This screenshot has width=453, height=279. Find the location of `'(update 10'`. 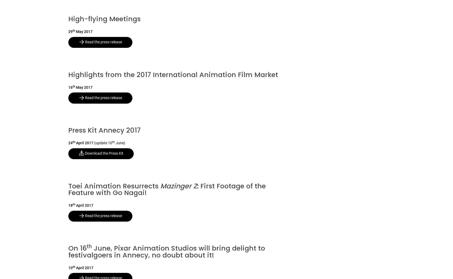

'(update 10' is located at coordinates (103, 143).